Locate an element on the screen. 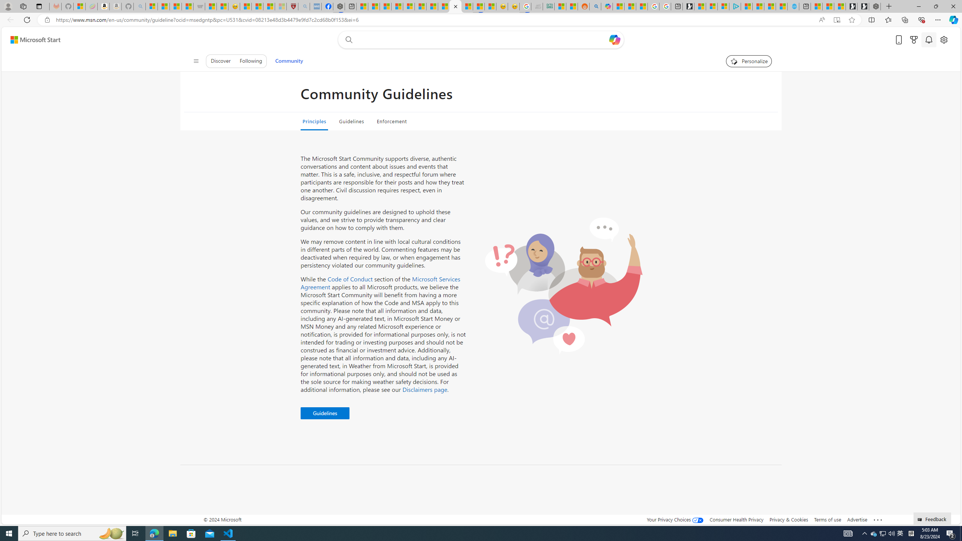  'Trusted Community Engagement and Contributions | Guidelines' is located at coordinates (455, 6).